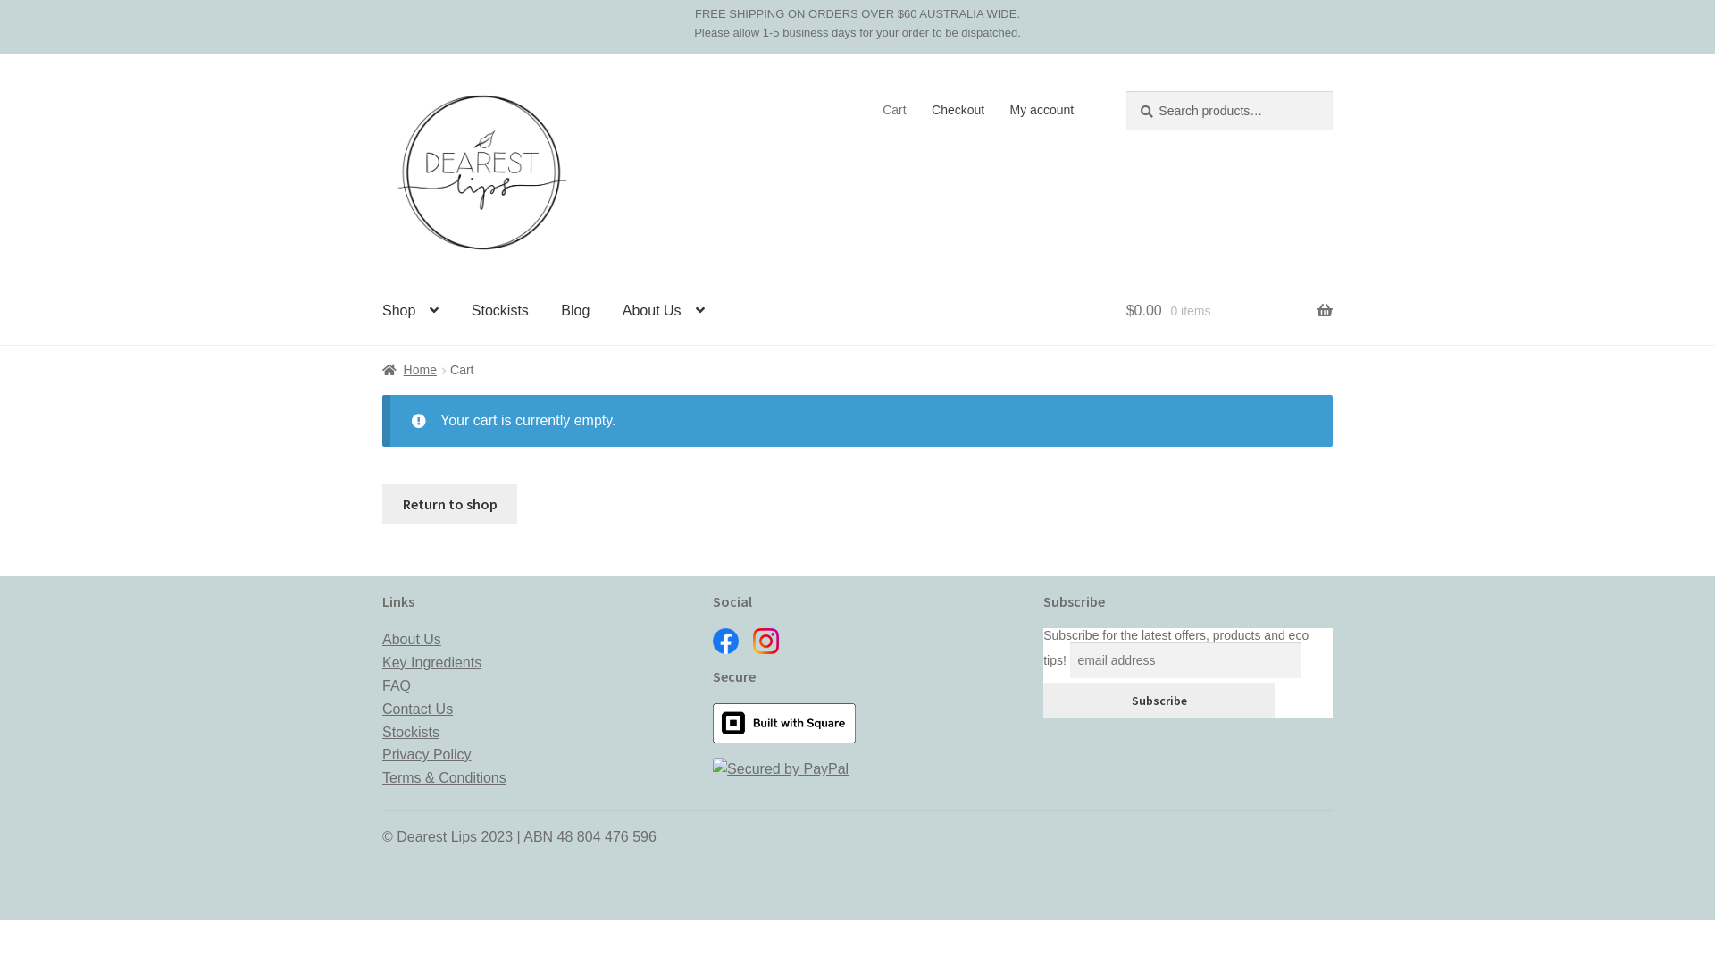 The width and height of the screenshot is (1715, 965). Describe the element at coordinates (431, 662) in the screenshot. I see `'Key Ingredients'` at that location.